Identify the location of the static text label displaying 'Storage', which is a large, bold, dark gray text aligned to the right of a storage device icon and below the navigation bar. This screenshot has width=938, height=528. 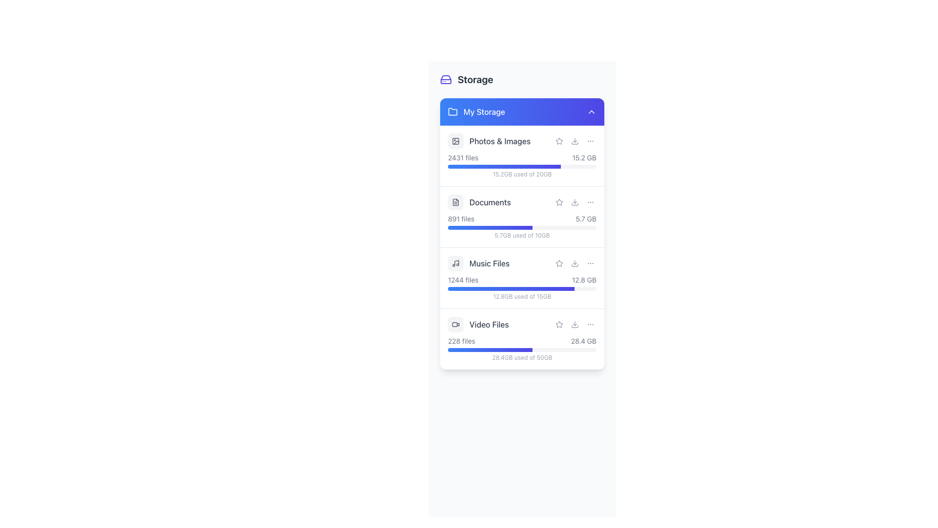
(475, 79).